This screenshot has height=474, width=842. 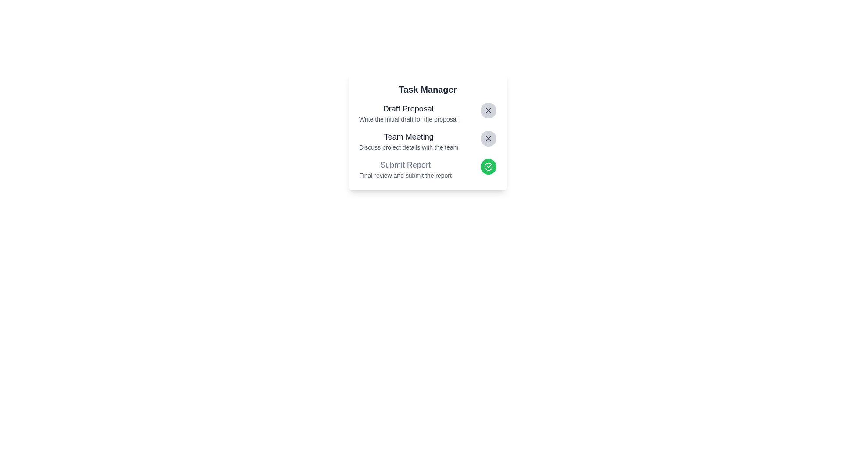 I want to click on the text block that displays the title and description of a completed task, which is the third list item in the task manager, located below the 'Team Meeting' item and to the left of a green circular button with a check mark icon, so click(x=405, y=169).